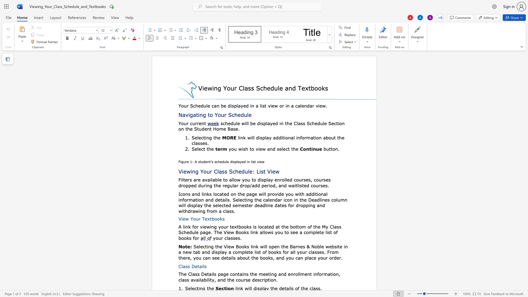  Describe the element at coordinates (220, 274) in the screenshot. I see `the space between the continuous character "p" and "a" in the text` at that location.